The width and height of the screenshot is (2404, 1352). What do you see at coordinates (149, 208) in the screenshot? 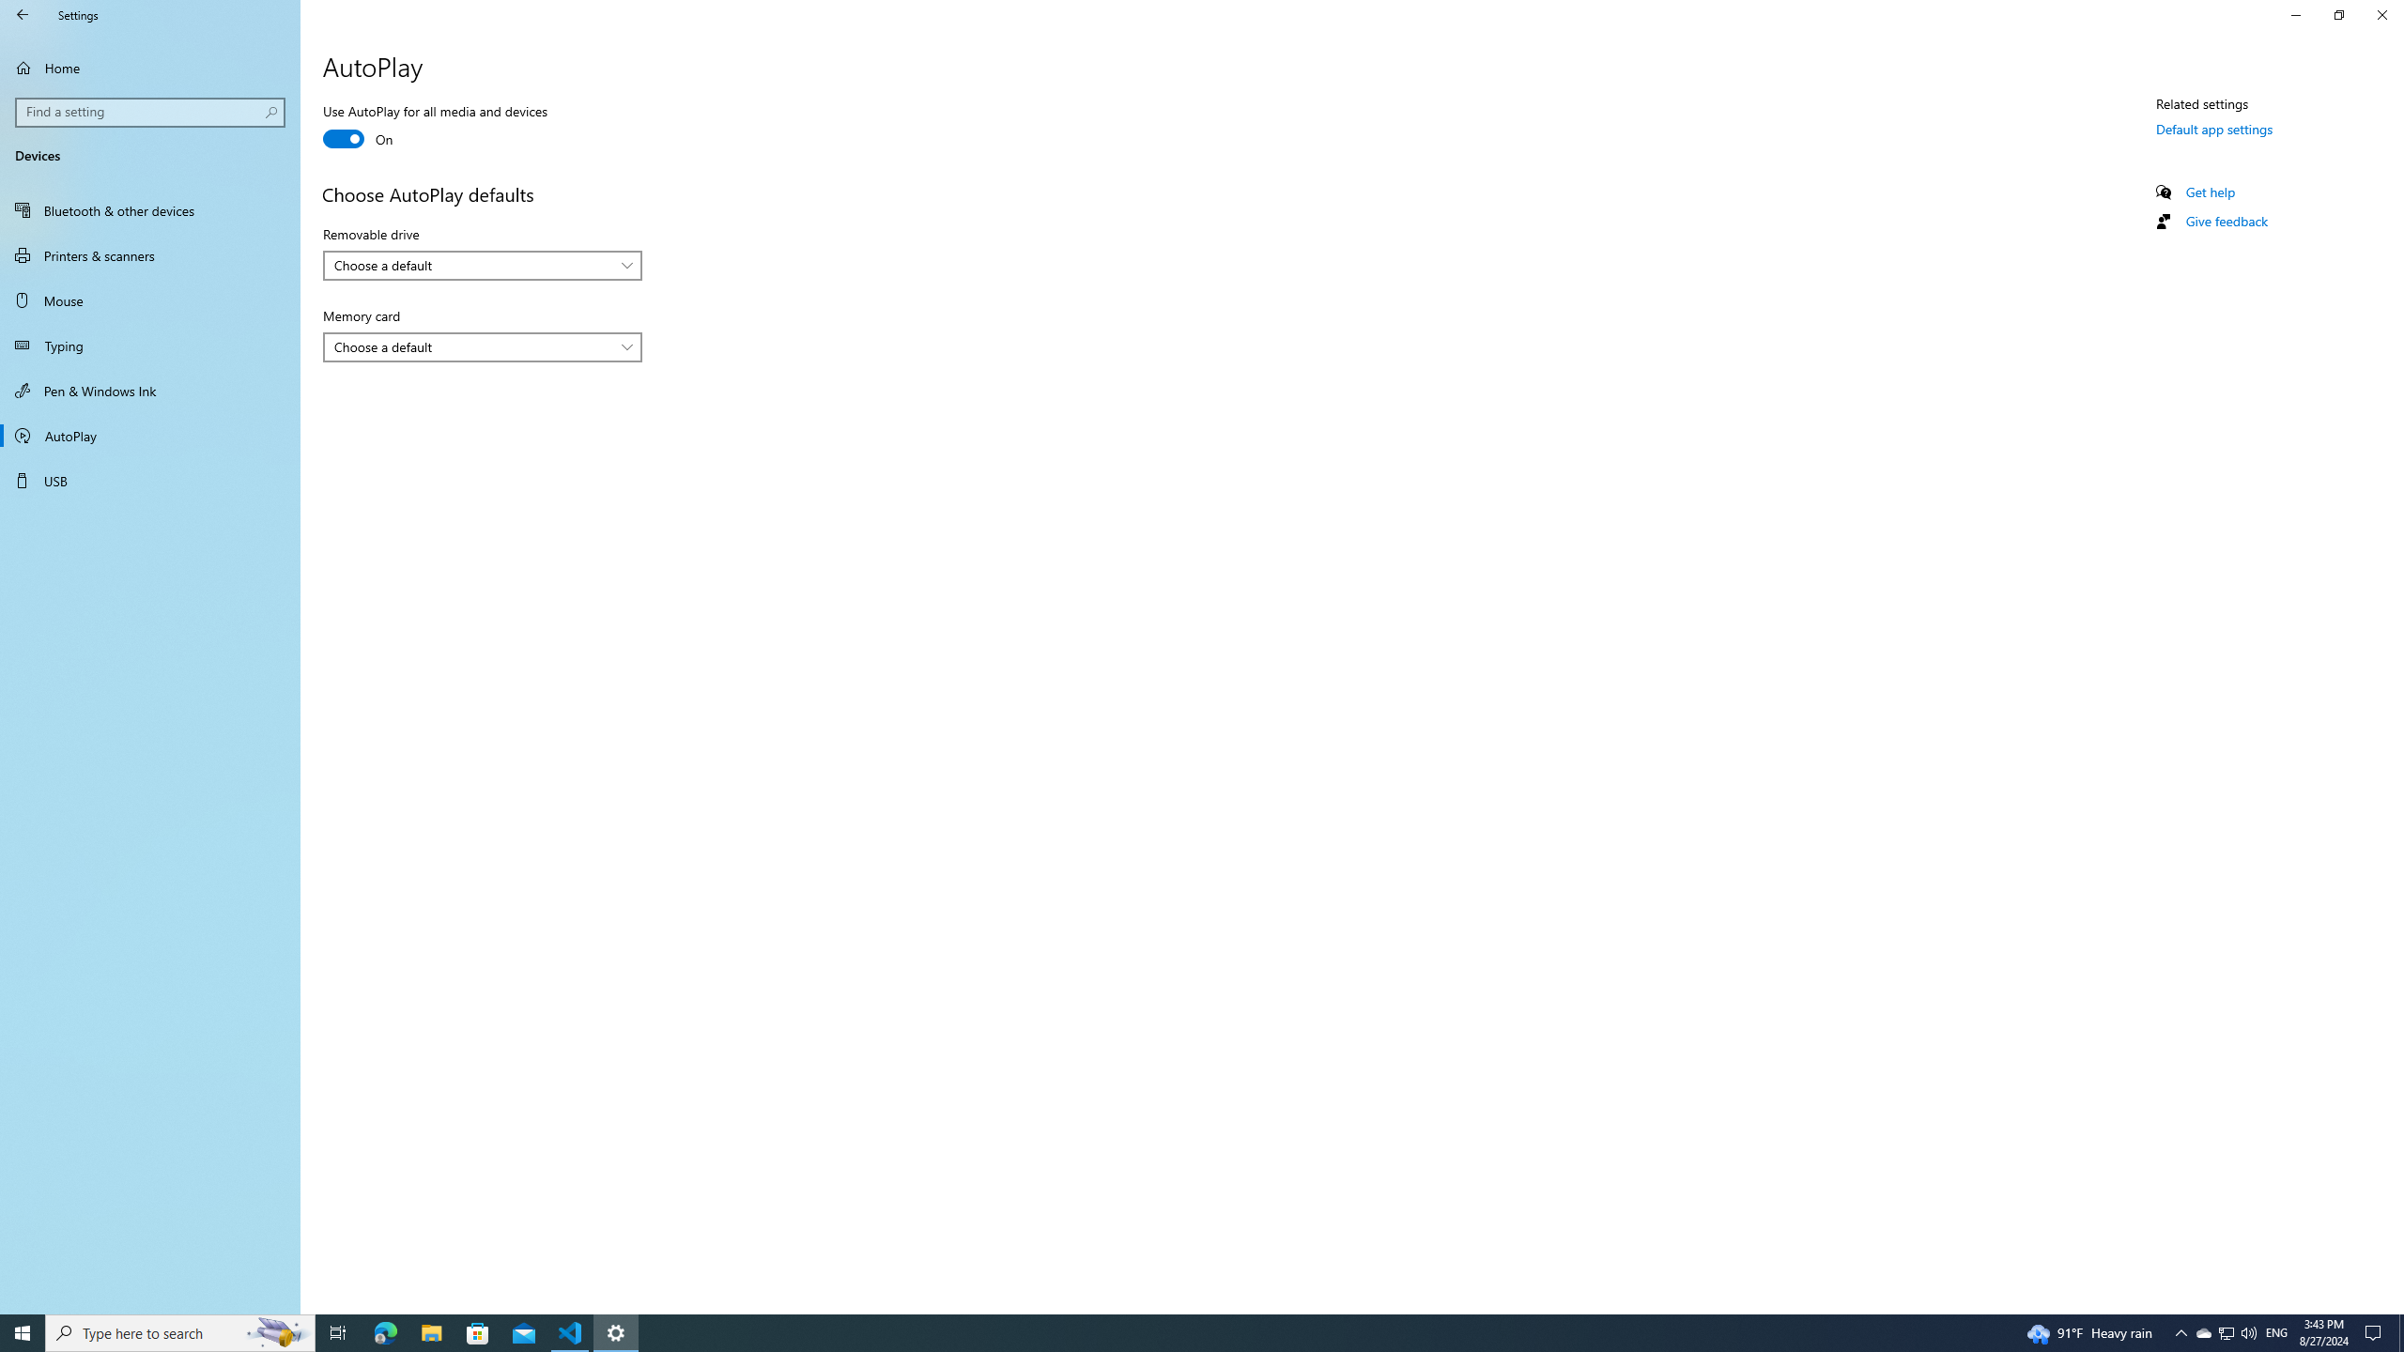
I see `'Bluetooth & other devices'` at bounding box center [149, 208].